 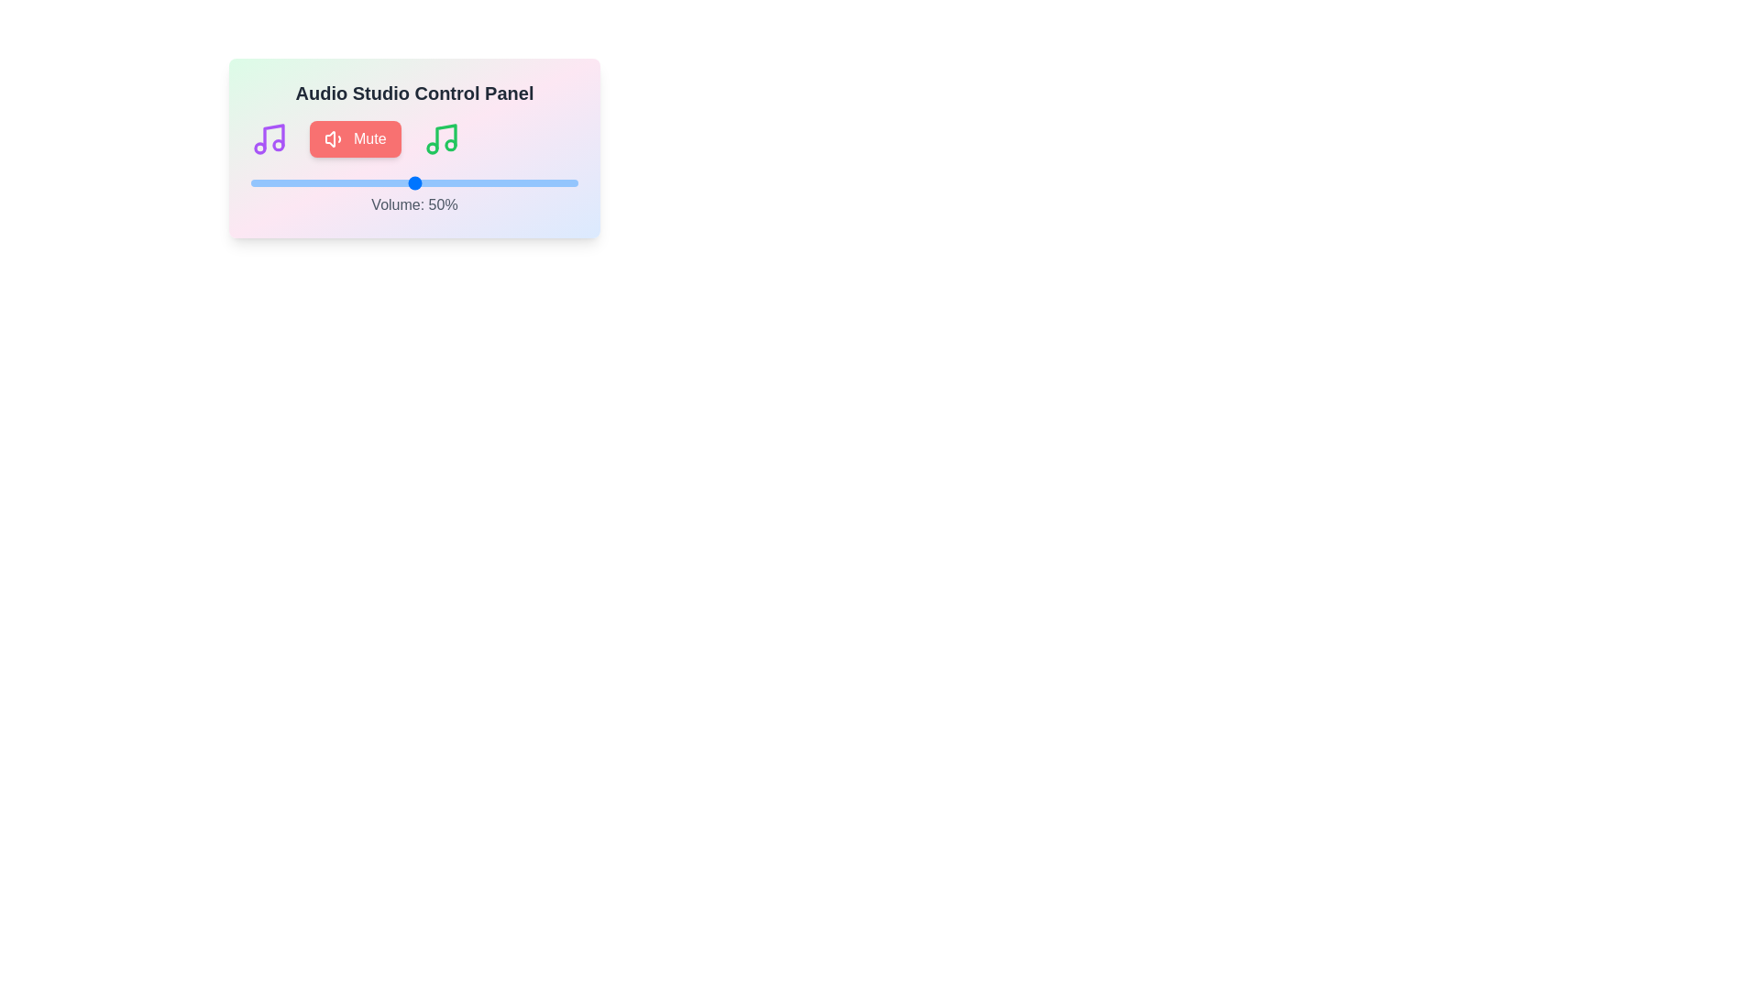 What do you see at coordinates (339, 183) in the screenshot?
I see `the volume slider to set the volume to 27%` at bounding box center [339, 183].